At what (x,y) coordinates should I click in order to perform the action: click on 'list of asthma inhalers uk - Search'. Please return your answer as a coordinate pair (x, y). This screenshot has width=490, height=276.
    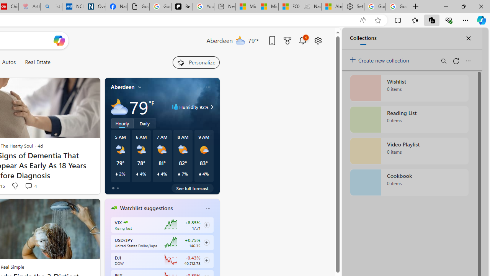
    Looking at the image, I should click on (51, 7).